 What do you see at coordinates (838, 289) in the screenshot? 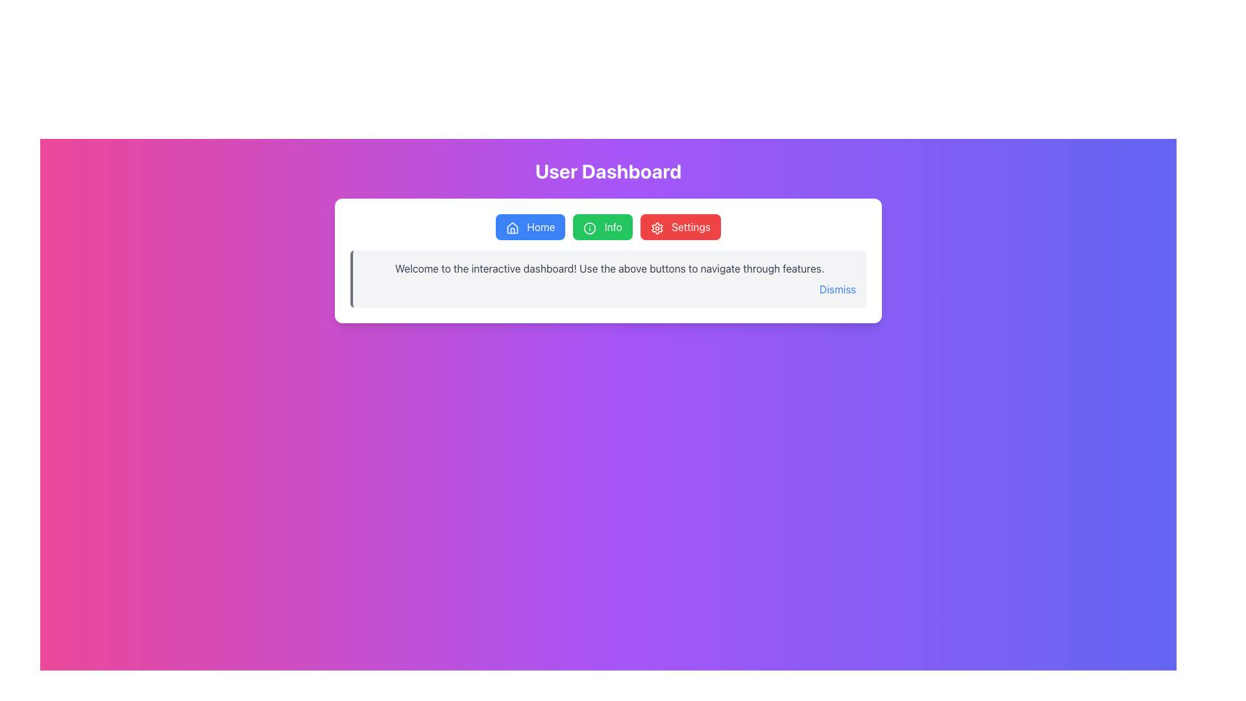
I see `the blue 'Dismiss' text link at the bottom-right corner of the message box` at bounding box center [838, 289].